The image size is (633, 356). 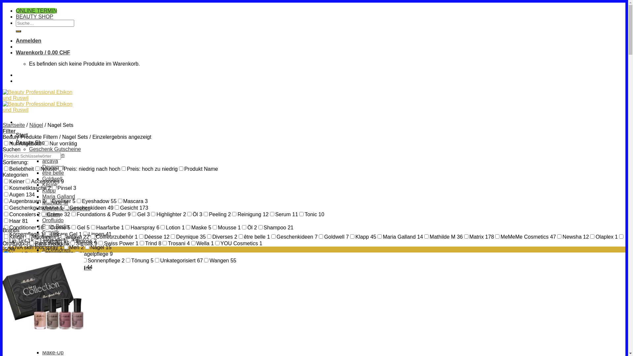 I want to click on 'Sunsilk', so click(x=50, y=232).